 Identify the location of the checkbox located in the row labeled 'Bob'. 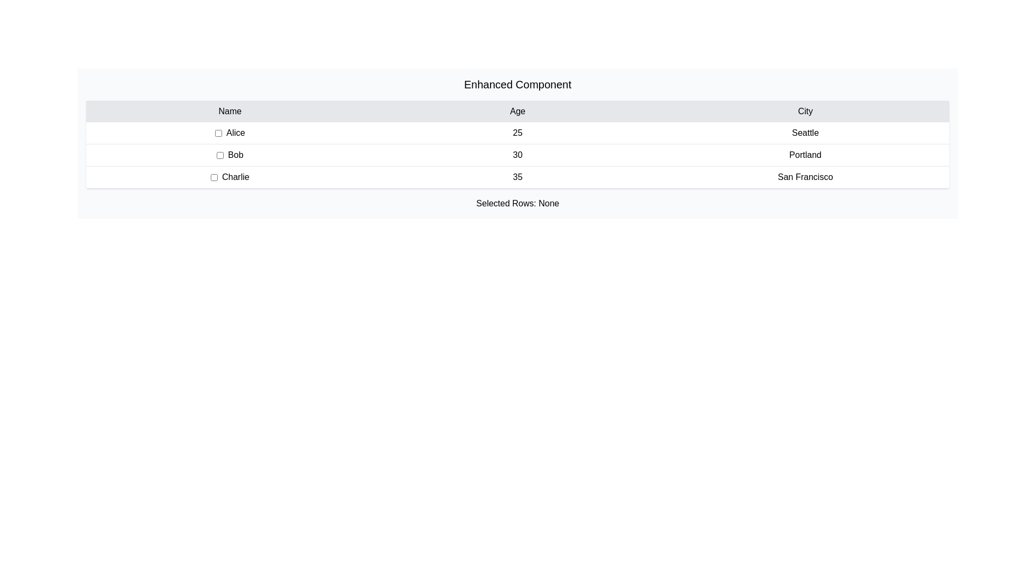
(219, 155).